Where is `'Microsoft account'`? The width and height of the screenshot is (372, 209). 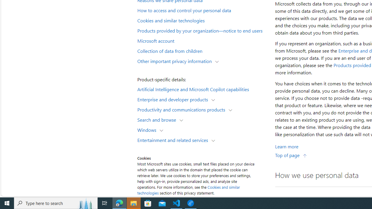 'Microsoft account' is located at coordinates (202, 40).